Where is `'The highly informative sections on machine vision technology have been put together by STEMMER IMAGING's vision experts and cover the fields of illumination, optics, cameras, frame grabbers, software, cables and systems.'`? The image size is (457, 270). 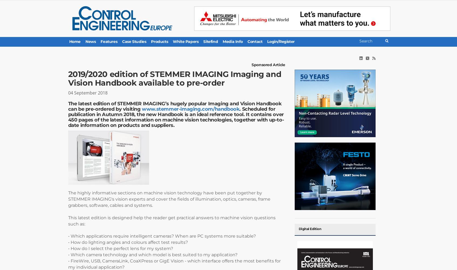 'The highly informative sections on machine vision technology have been put together by STEMMER IMAGING's vision experts and cover the fields of illumination, optics, cameras, frame grabbers, software, cables and systems.' is located at coordinates (169, 199).